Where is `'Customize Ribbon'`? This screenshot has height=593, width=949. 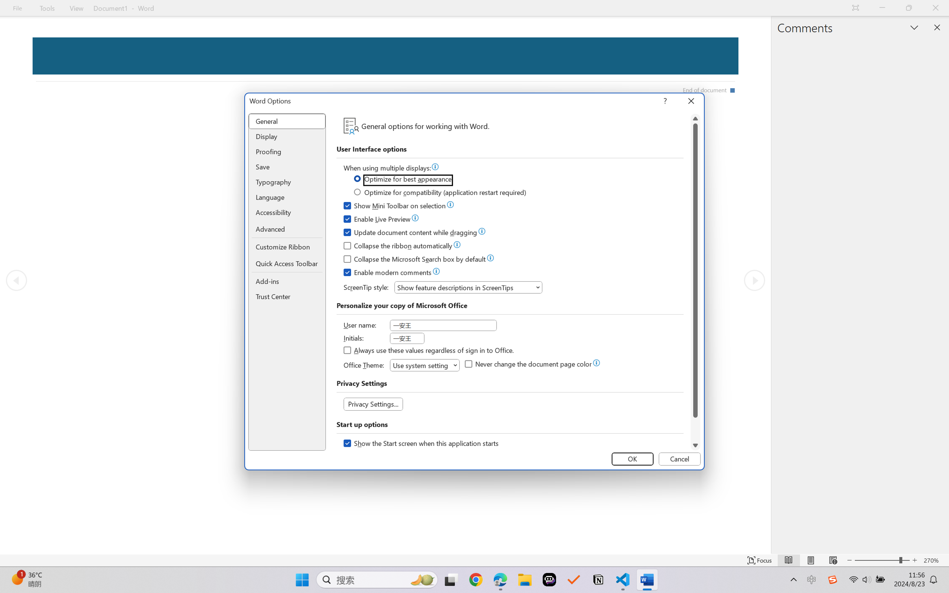
'Customize Ribbon' is located at coordinates (287, 246).